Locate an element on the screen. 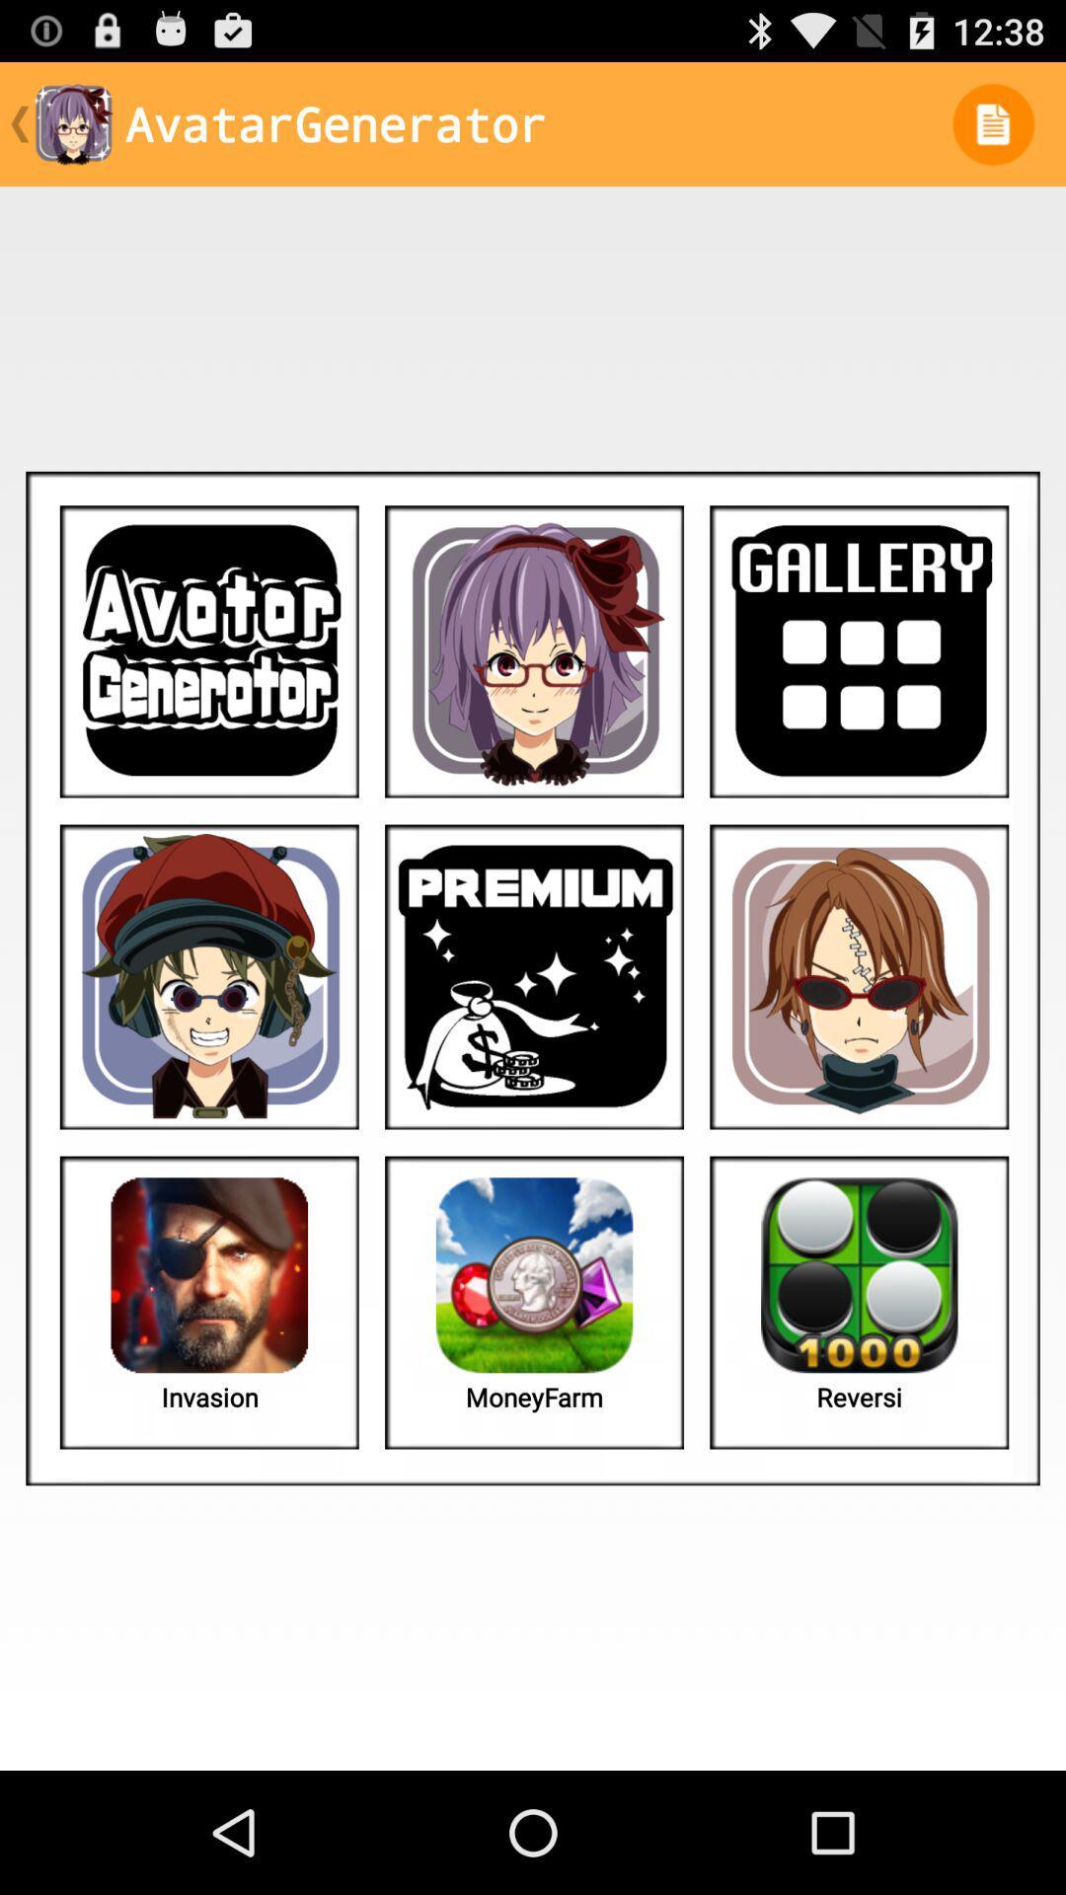 This screenshot has height=1895, width=1066. pick avator is located at coordinates (534, 651).